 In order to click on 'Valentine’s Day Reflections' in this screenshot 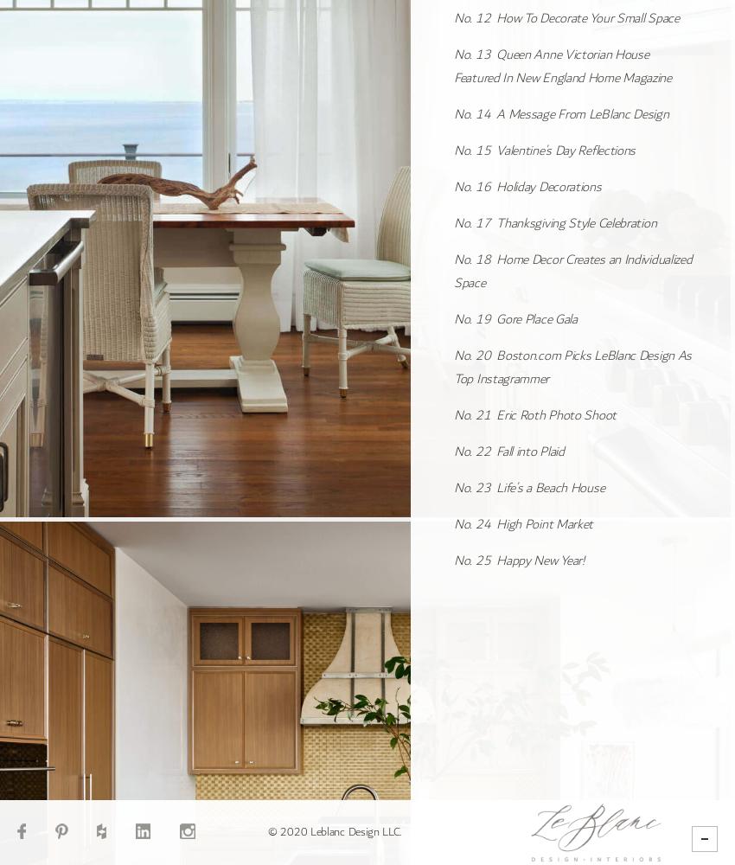, I will do `click(566, 150)`.